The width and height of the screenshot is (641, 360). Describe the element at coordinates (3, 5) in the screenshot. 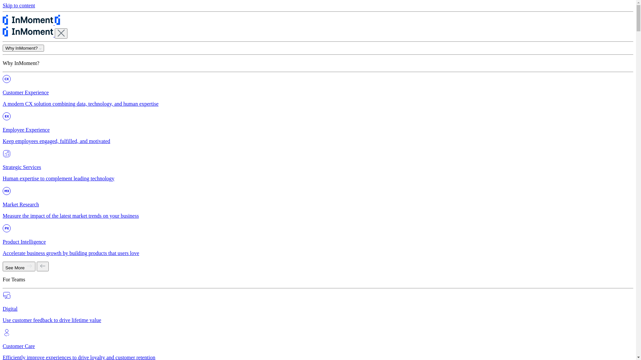

I see `'Skip to content'` at that location.